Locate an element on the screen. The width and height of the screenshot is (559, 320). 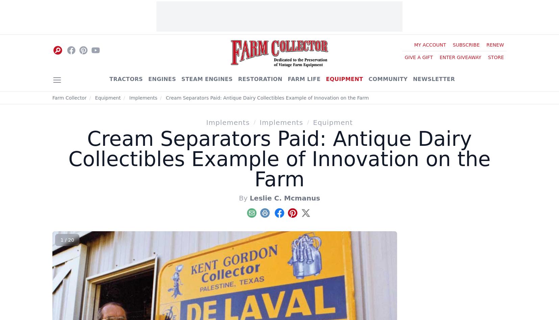
'The Wetmore Tractor' is located at coordinates (434, 114).